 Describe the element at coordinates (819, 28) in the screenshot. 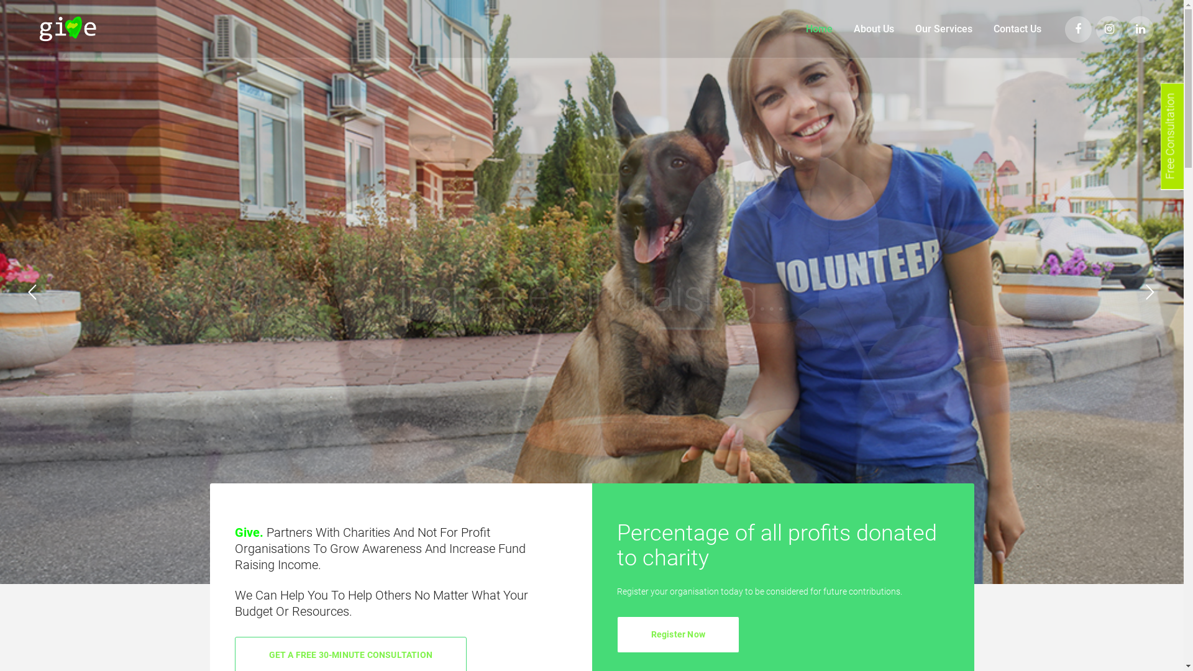

I see `'Home'` at that location.